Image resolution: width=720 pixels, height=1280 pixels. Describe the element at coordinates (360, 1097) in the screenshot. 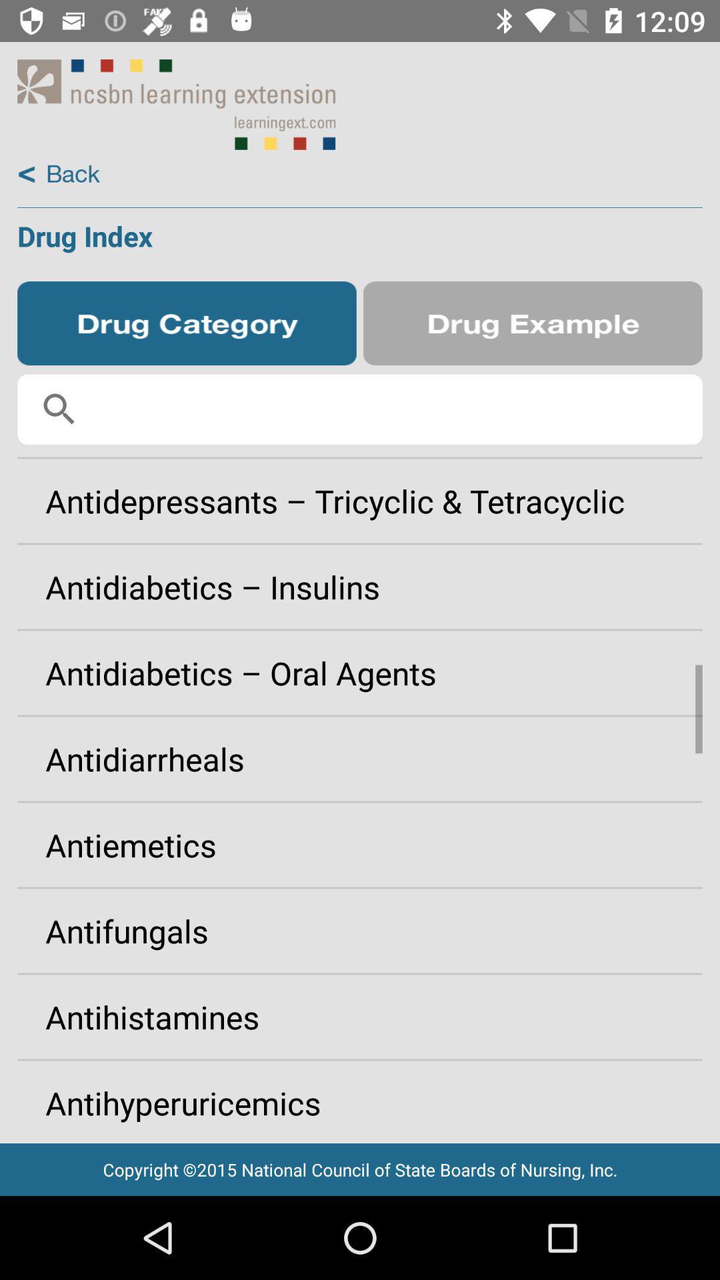

I see `app above the copyright 2015 national app` at that location.